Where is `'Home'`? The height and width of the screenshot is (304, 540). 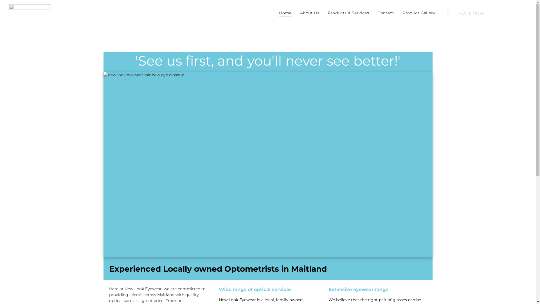 'Home' is located at coordinates (285, 13).